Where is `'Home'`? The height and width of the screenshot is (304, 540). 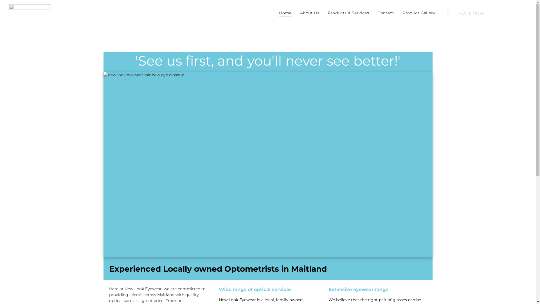 'Home' is located at coordinates (285, 13).